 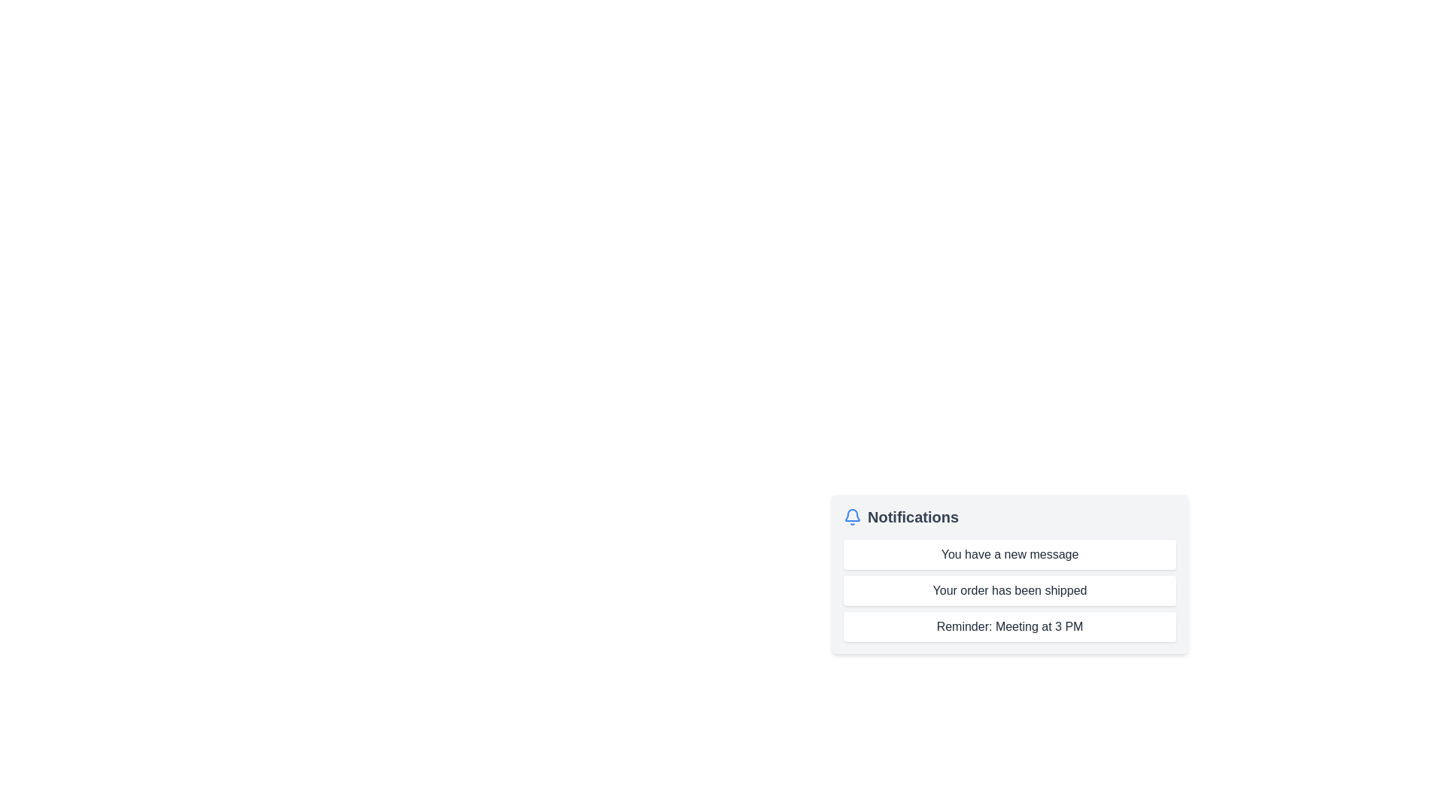 What do you see at coordinates (852, 514) in the screenshot?
I see `the notification alert bell icon located at the top-left corner of the notification panel, adjacent to the 'Notifications' text` at bounding box center [852, 514].